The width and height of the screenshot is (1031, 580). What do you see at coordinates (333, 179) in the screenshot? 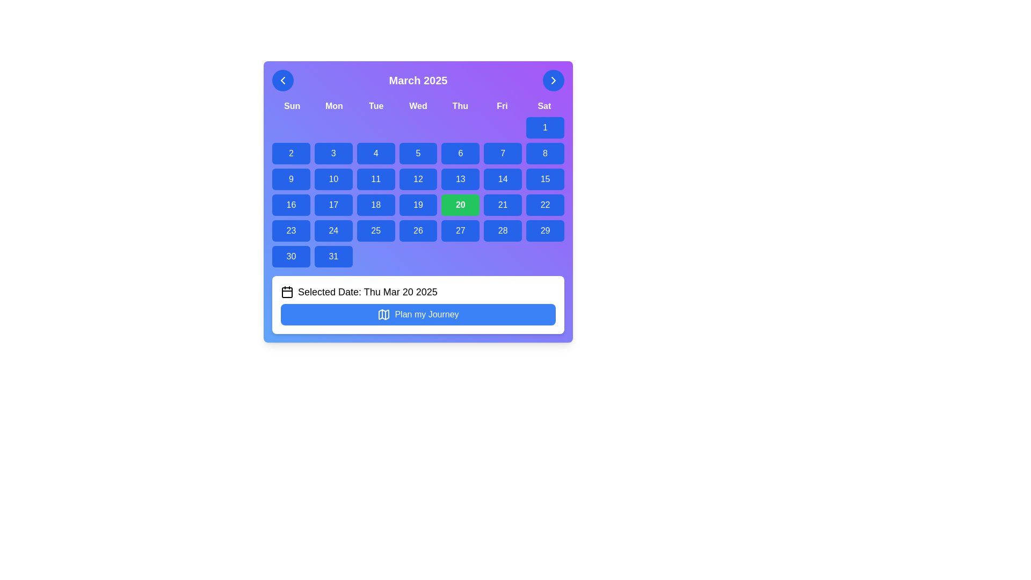
I see `the calendar date button located in the second row and fourth column of the grid` at bounding box center [333, 179].